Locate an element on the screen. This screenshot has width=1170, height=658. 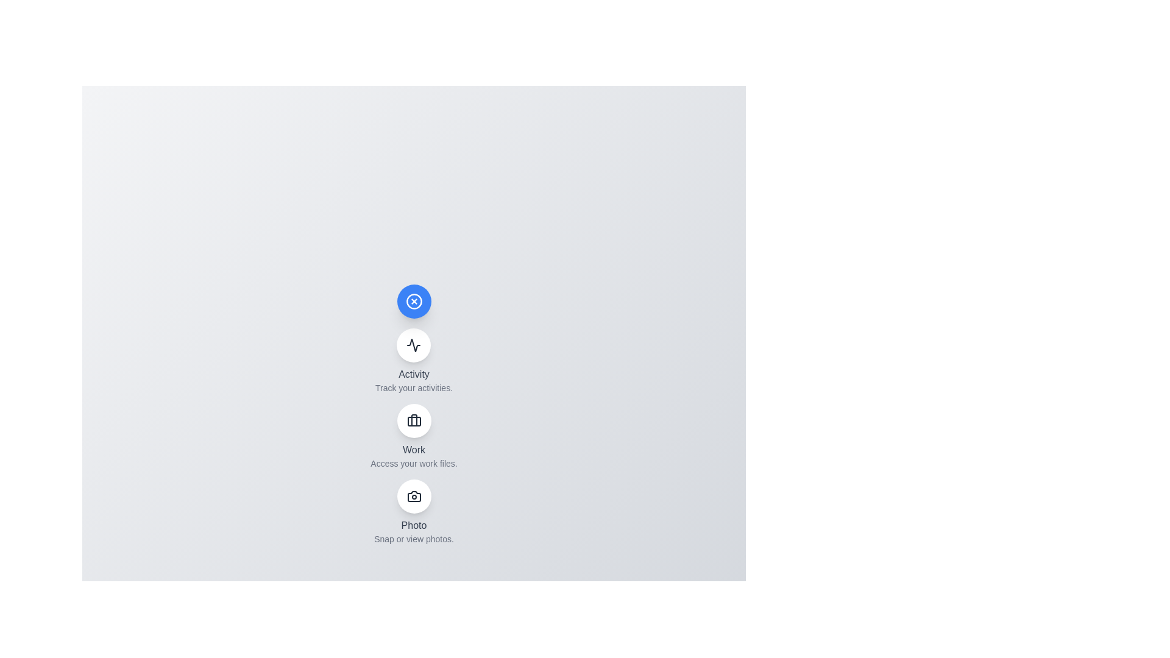
the main button to toggle the menu is located at coordinates (414, 301).